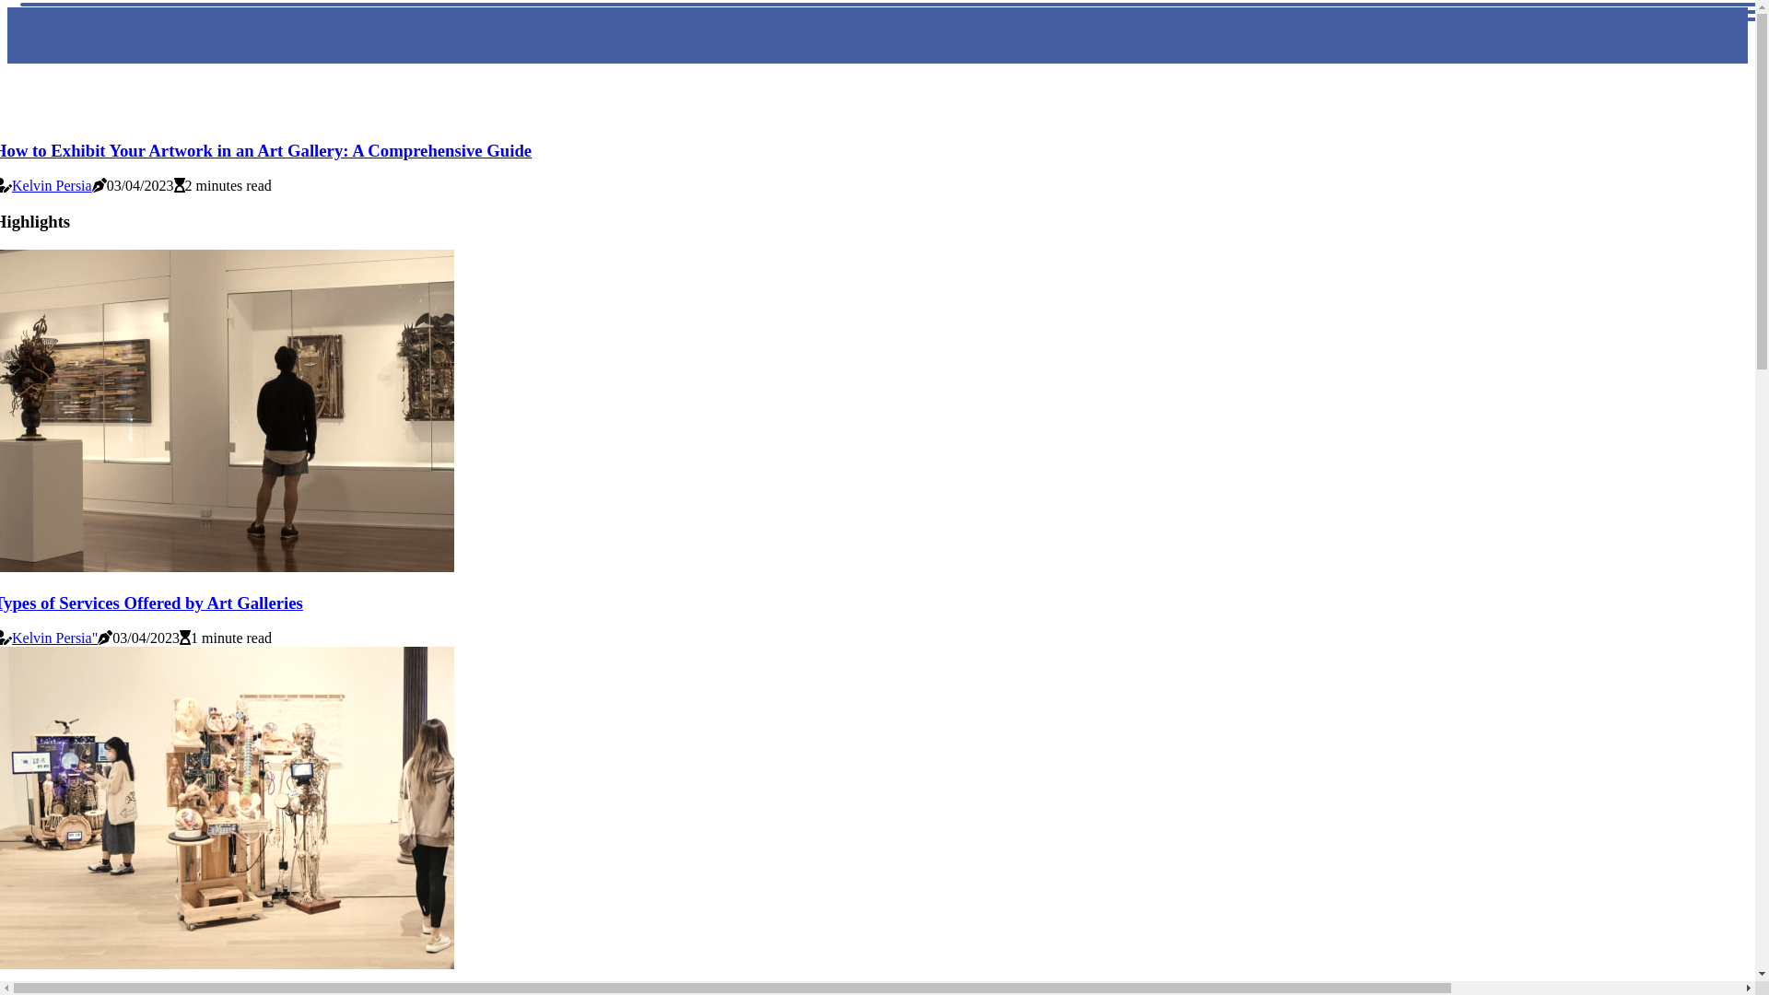  What do you see at coordinates (54, 637) in the screenshot?
I see `'Kelvin Persia"'` at bounding box center [54, 637].